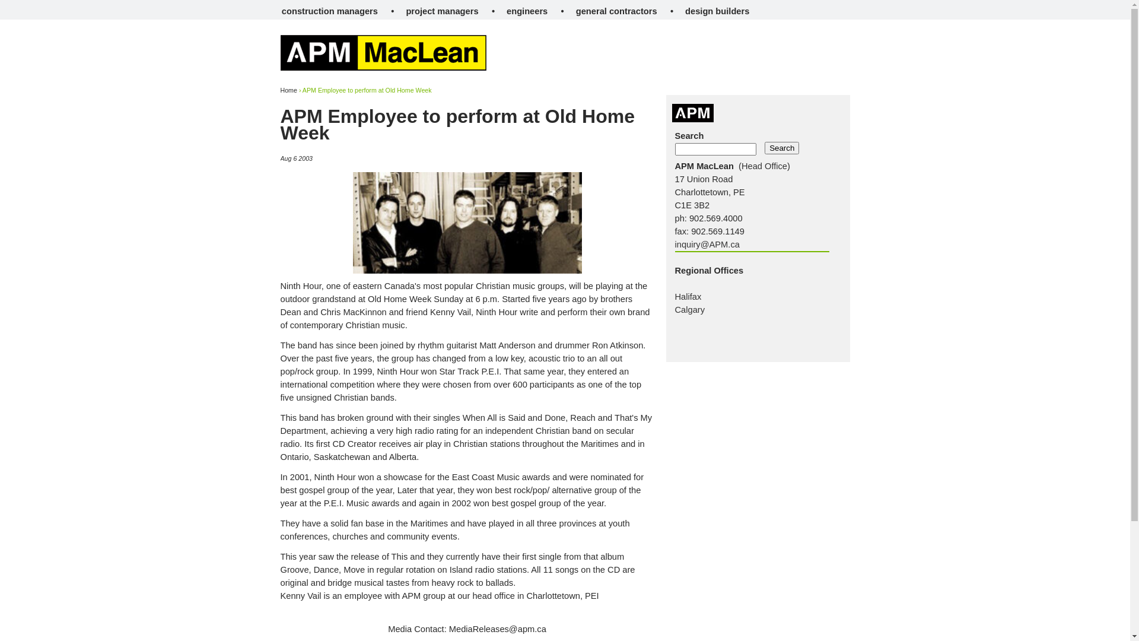 The image size is (1139, 641). What do you see at coordinates (316, 75) in the screenshot?
I see `'who we are'` at bounding box center [316, 75].